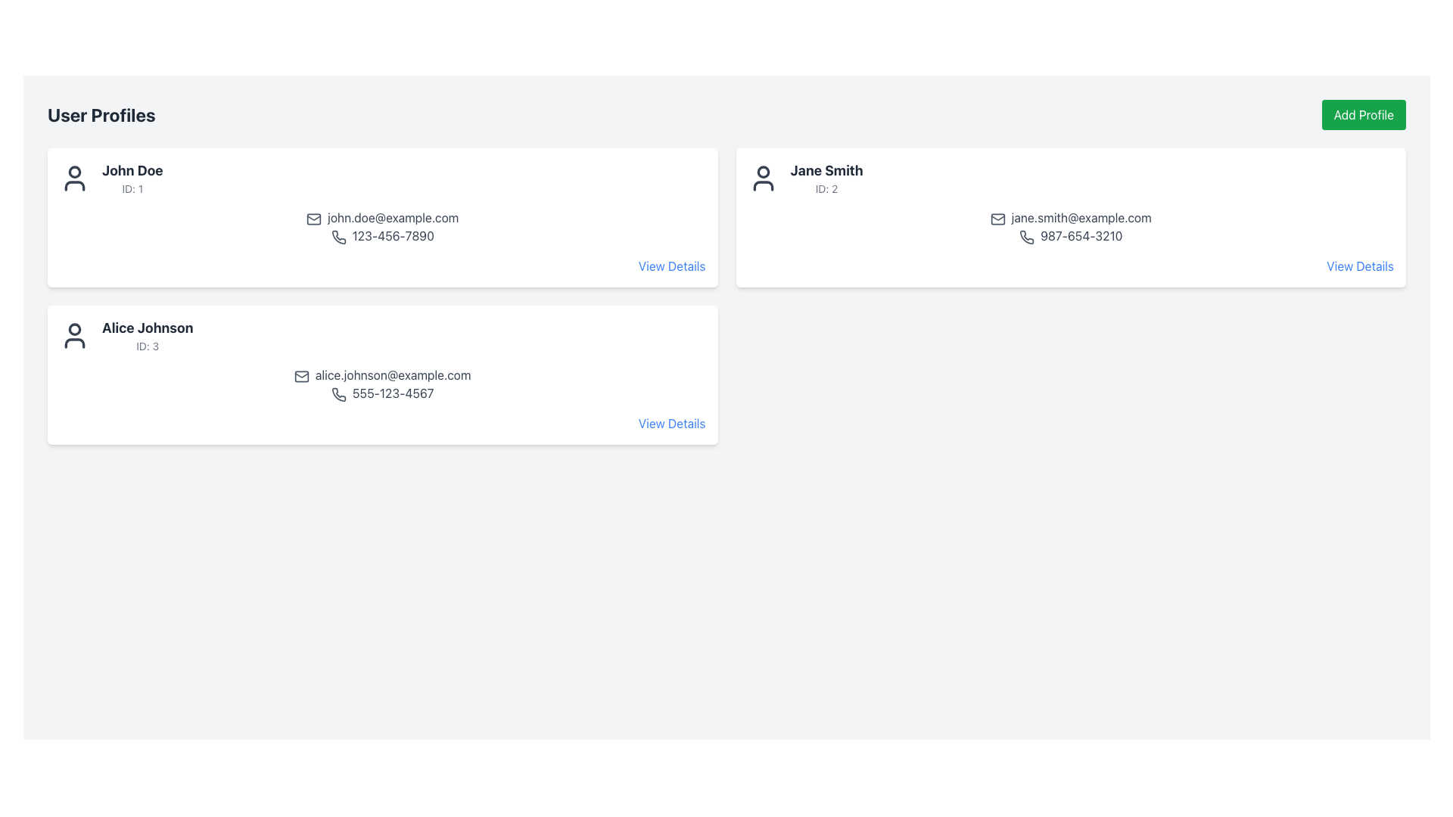 The image size is (1453, 817). Describe the element at coordinates (101, 113) in the screenshot. I see `the 'User Profiles' text label, which is a bold, large font in black, centrally aligned at the top of the interface` at that location.